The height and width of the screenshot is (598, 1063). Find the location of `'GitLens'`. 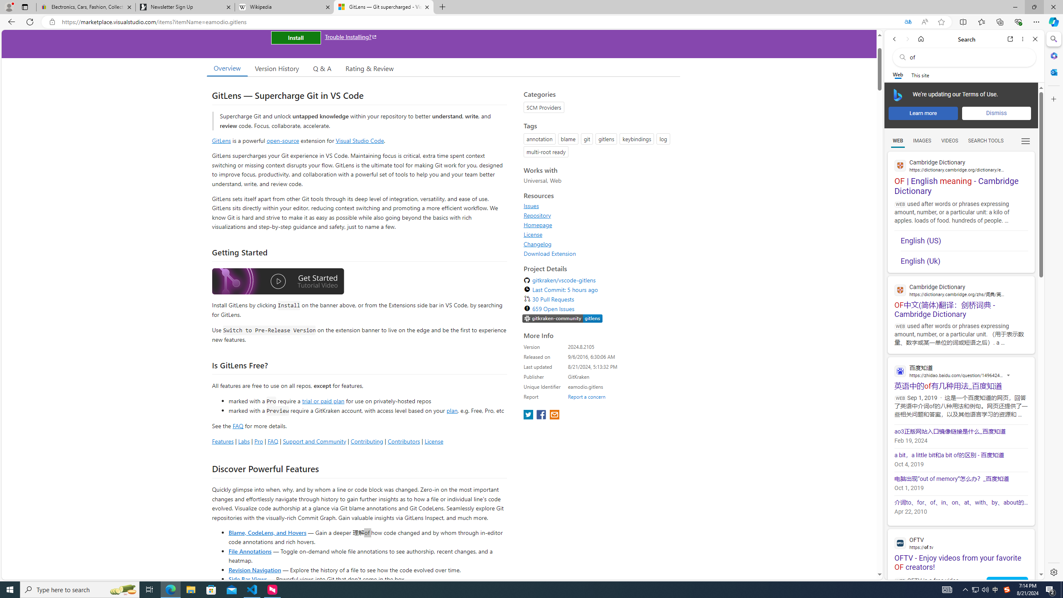

'GitLens' is located at coordinates (221, 140).